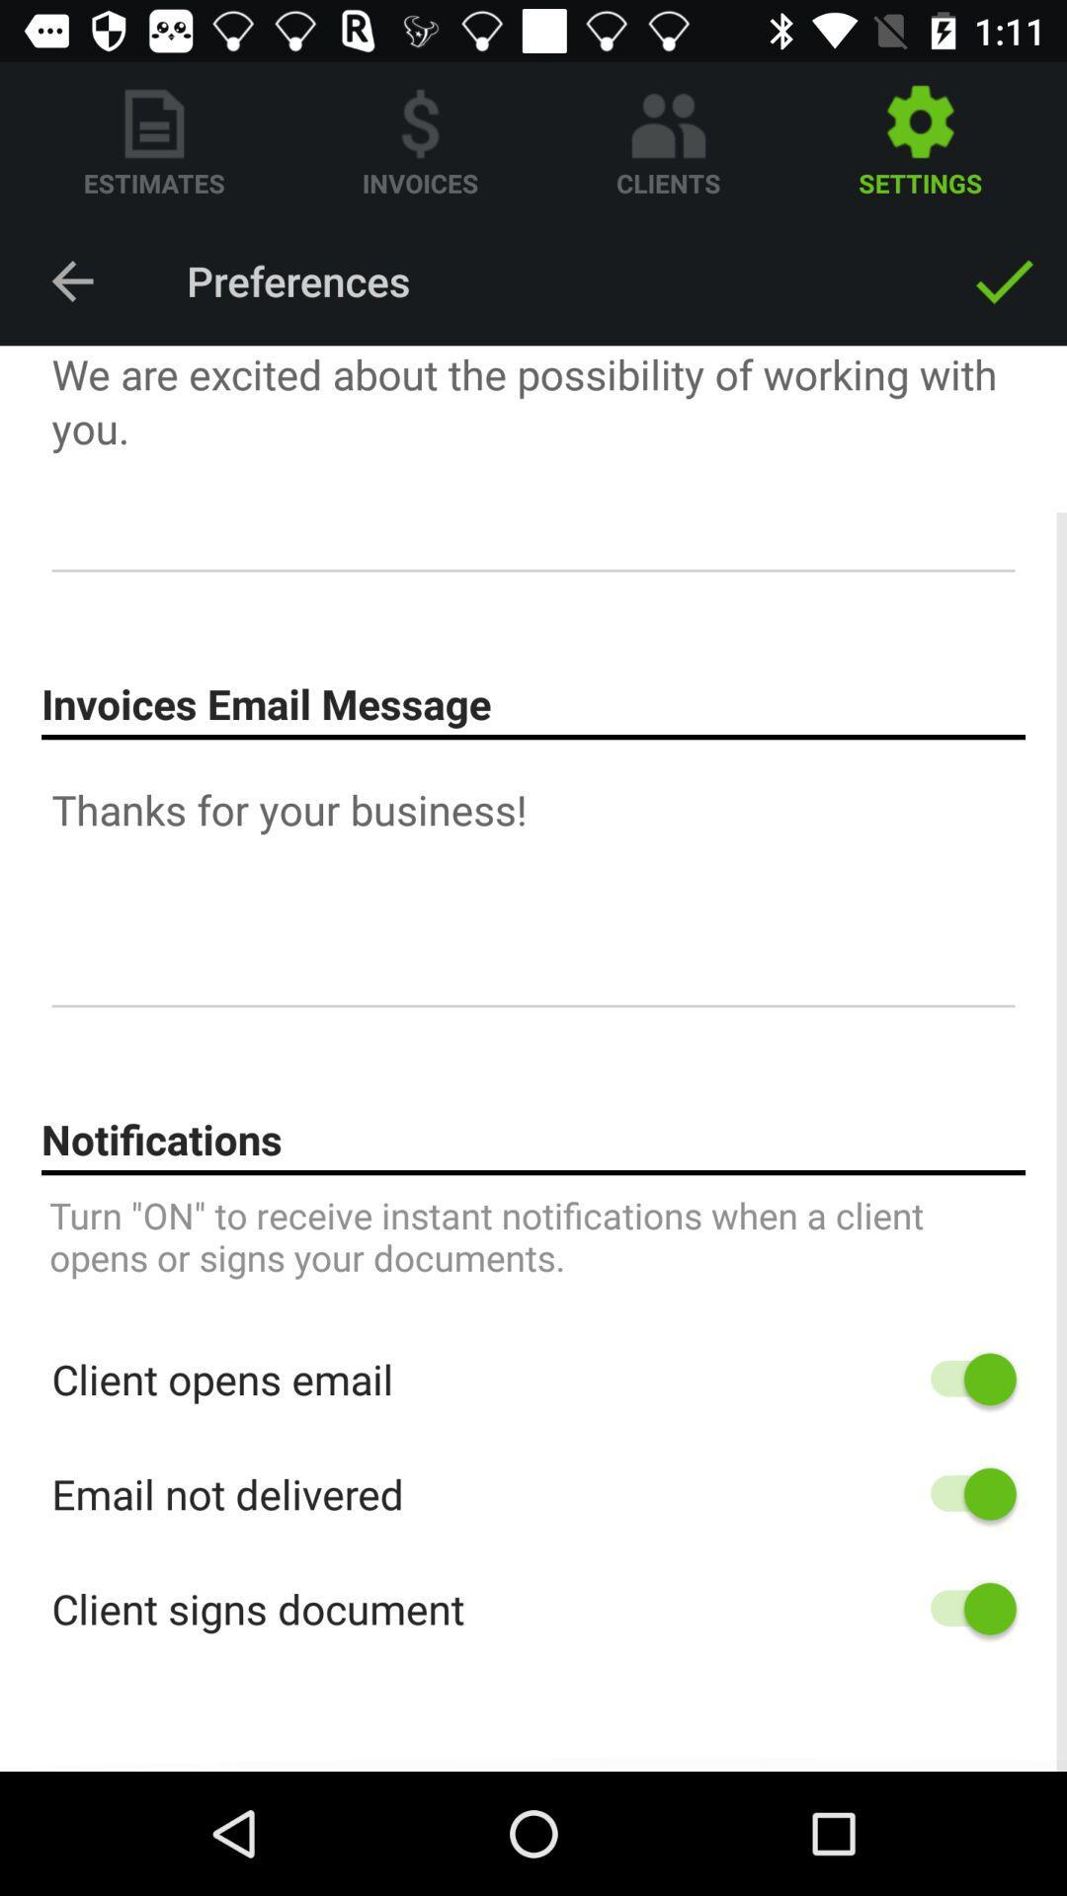  I want to click on push to select a option, so click(962, 1609).